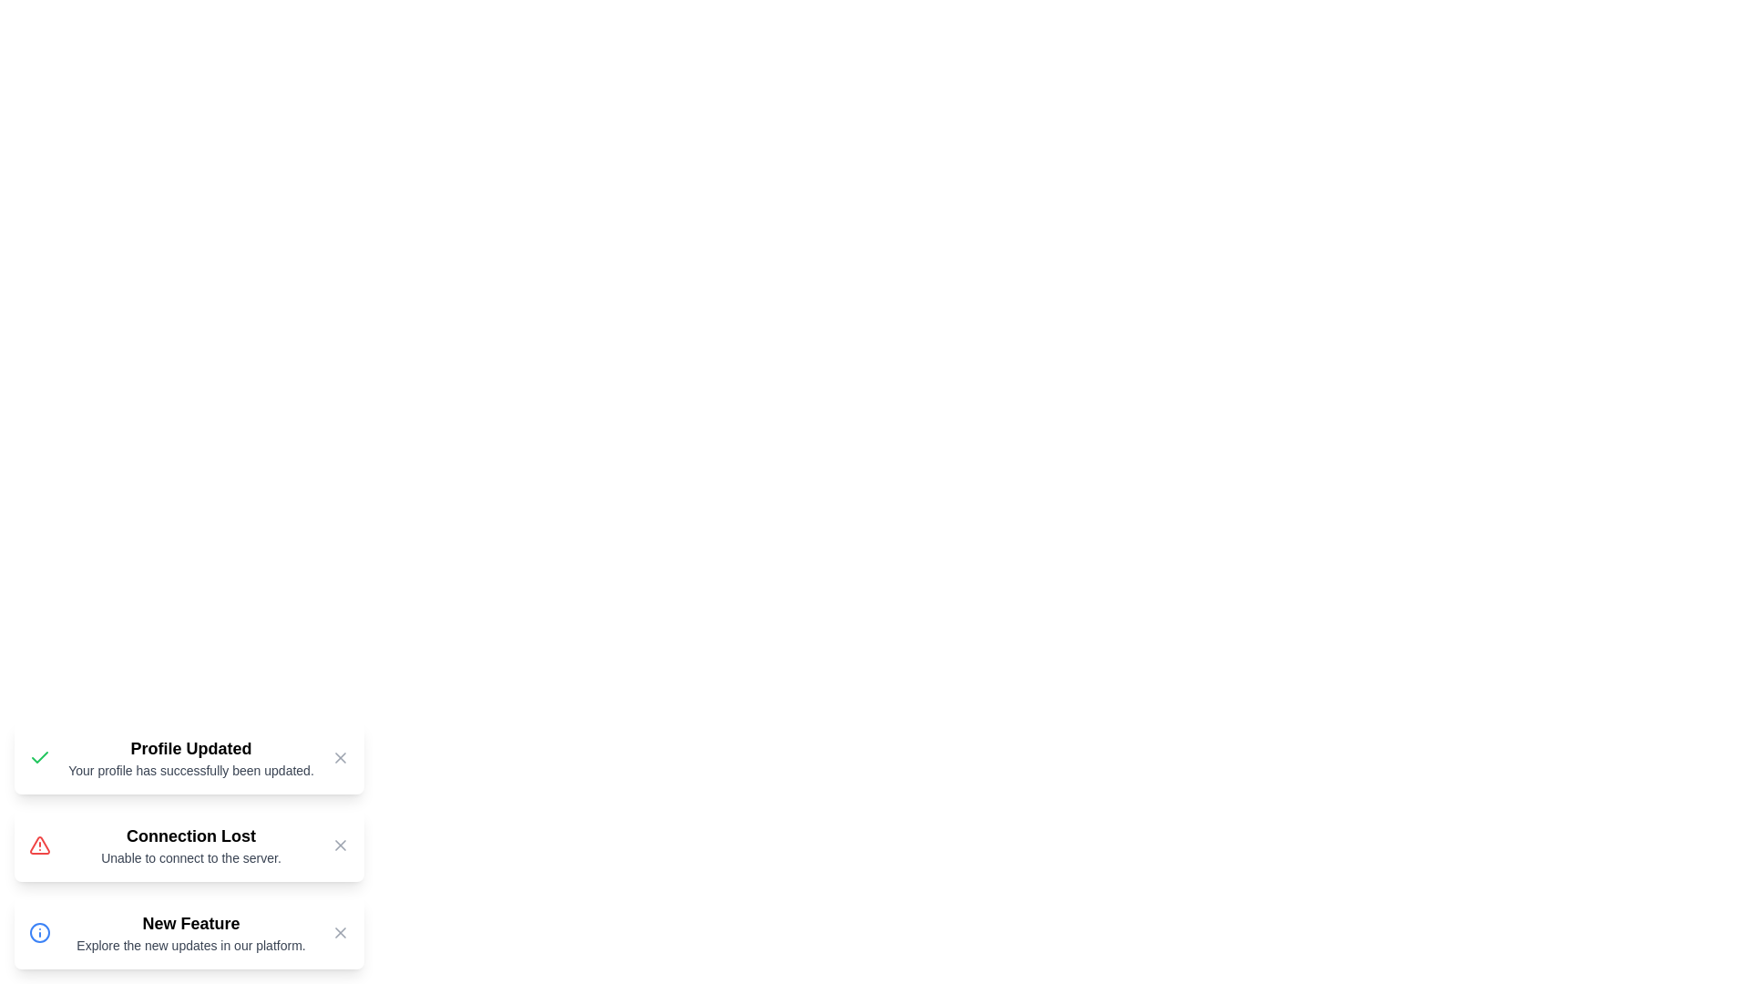  I want to click on the icon in the snackbar with Connection Lost, so click(39, 846).